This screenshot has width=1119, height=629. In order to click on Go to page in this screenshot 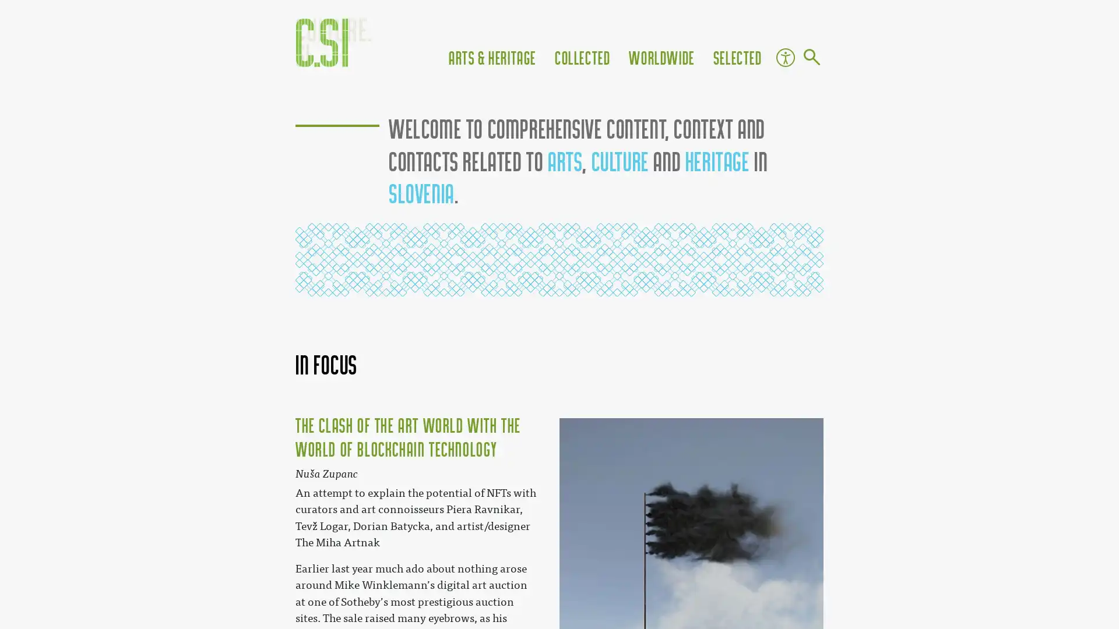, I will do `click(811, 58)`.